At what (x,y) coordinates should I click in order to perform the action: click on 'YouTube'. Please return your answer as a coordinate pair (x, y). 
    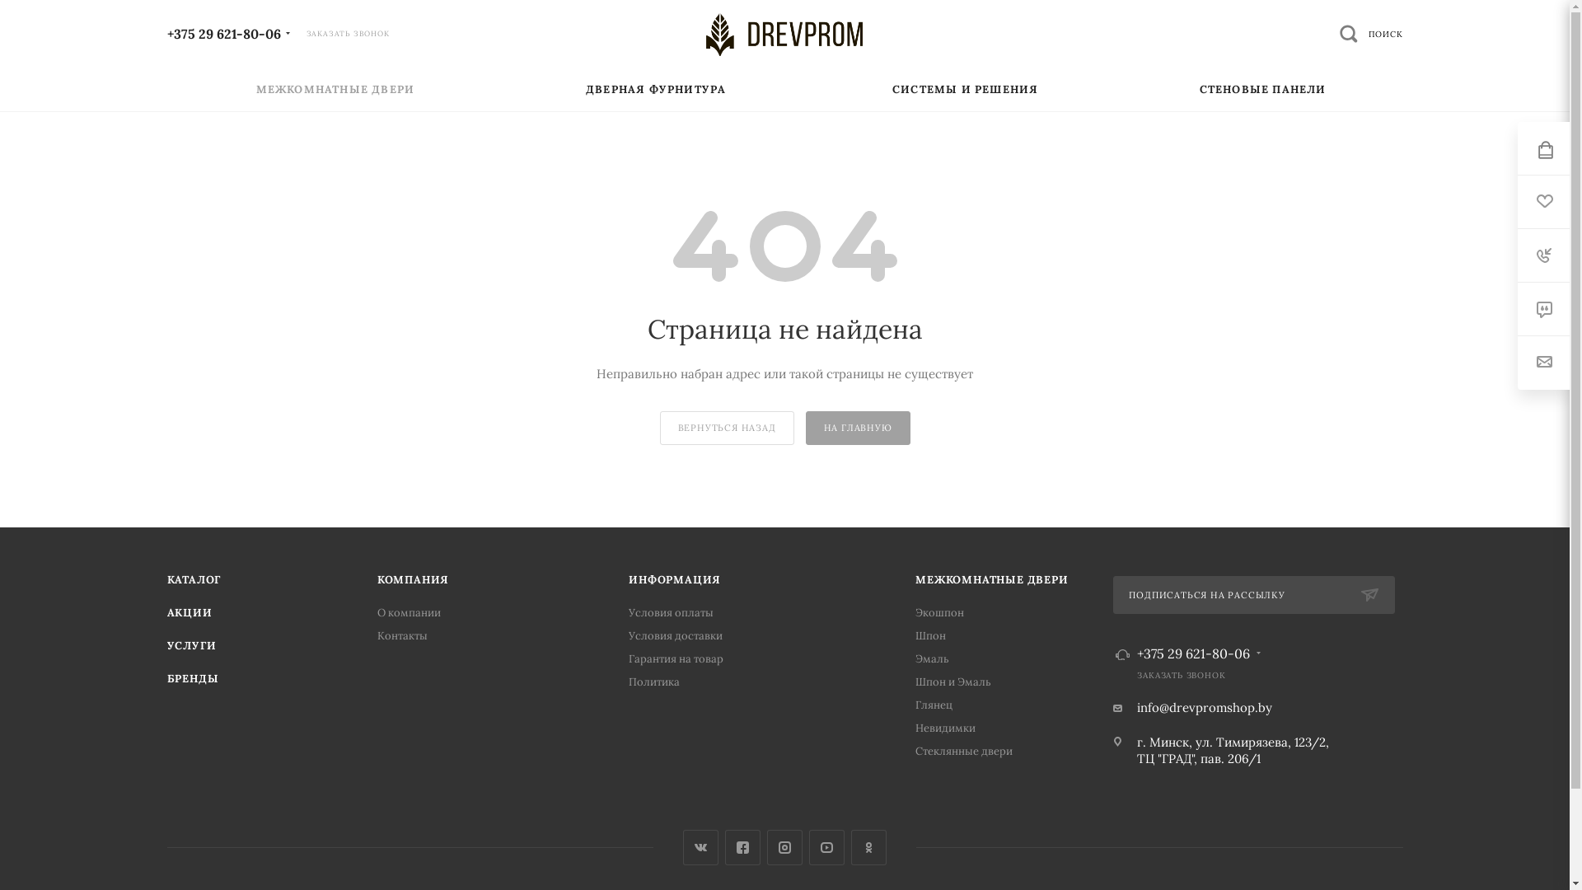
    Looking at the image, I should click on (826, 847).